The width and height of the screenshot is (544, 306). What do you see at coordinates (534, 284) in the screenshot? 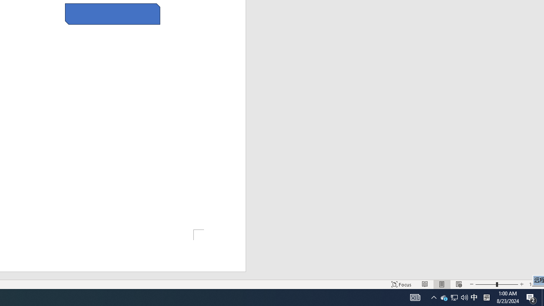
I see `'Zoom 104%'` at bounding box center [534, 284].